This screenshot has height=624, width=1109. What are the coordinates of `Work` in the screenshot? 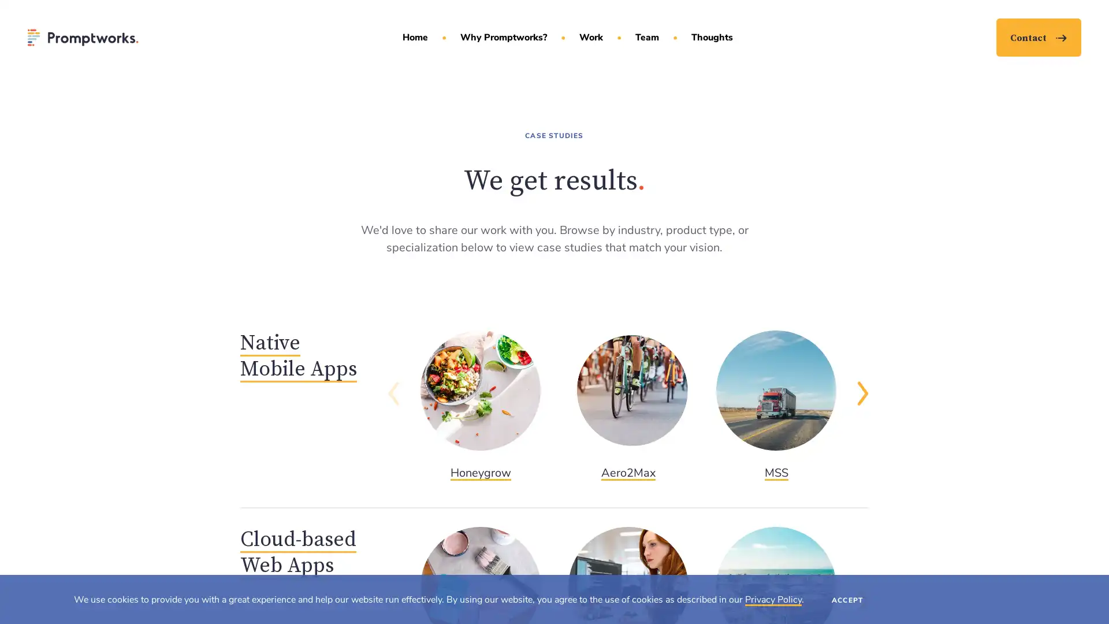 It's located at (590, 37).